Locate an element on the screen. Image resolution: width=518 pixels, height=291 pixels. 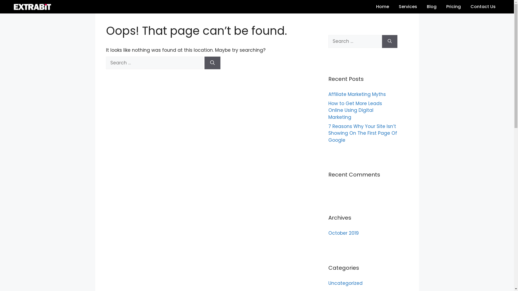
'Contact Us' is located at coordinates (483, 6).